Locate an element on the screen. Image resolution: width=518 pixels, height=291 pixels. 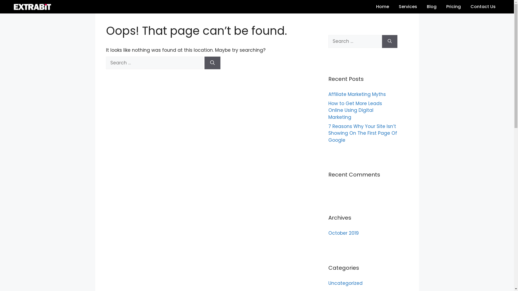
'Contact Us' is located at coordinates (483, 6).